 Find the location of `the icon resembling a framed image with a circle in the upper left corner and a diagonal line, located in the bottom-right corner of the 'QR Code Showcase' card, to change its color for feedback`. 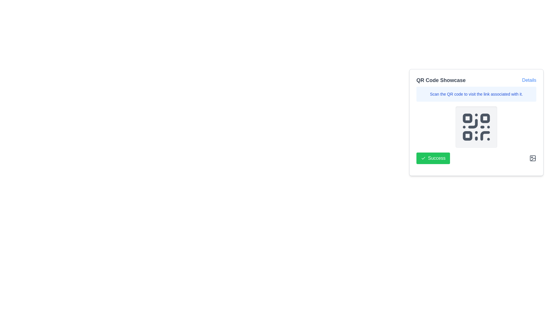

the icon resembling a framed image with a circle in the upper left corner and a diagonal line, located in the bottom-right corner of the 'QR Code Showcase' card, to change its color for feedback is located at coordinates (533, 158).